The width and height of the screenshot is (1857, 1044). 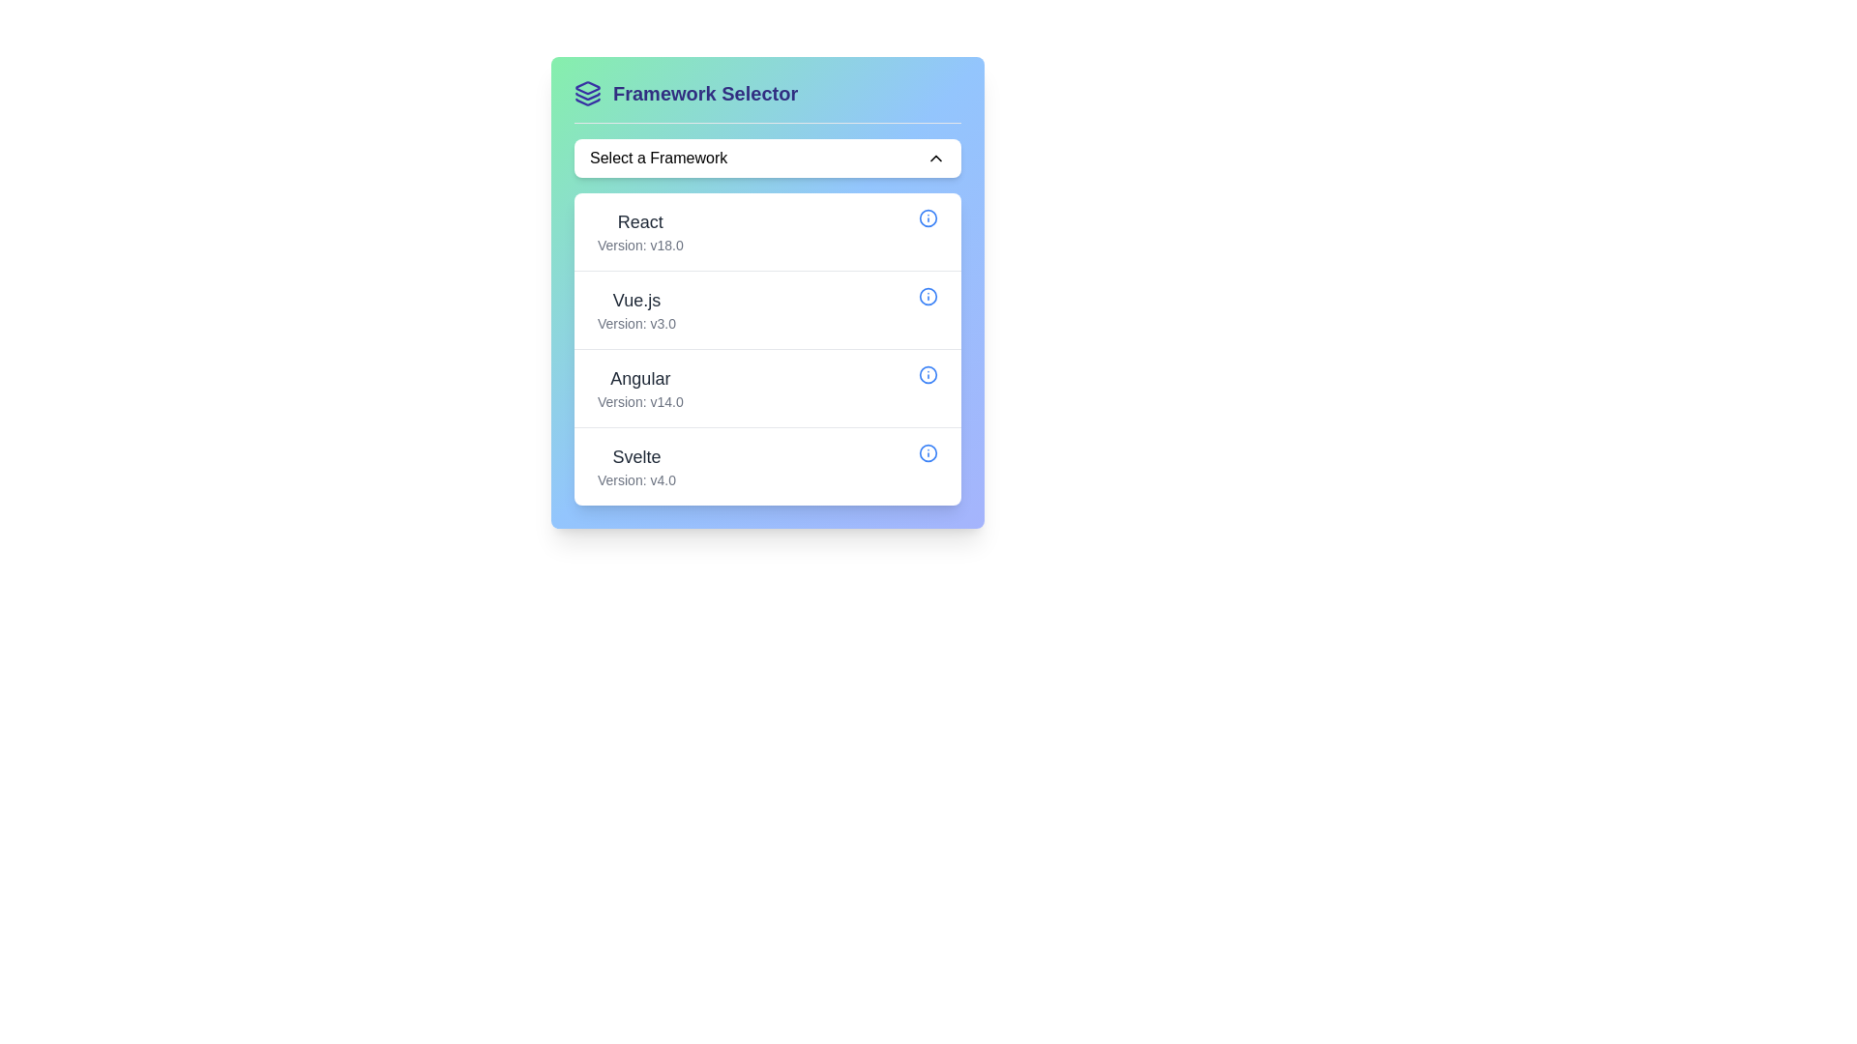 I want to click on the Text Block displaying 'Angular' in the dropdown menu titled 'Framework Selector', so click(x=640, y=388).